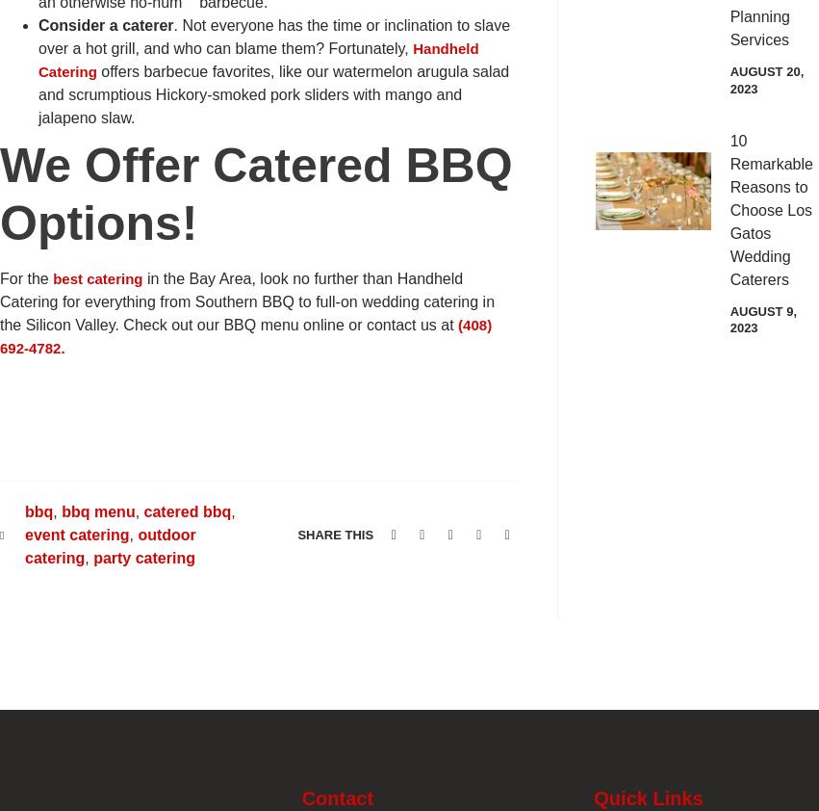 The height and width of the screenshot is (811, 819). I want to click on 'Quick Links', so click(593, 798).